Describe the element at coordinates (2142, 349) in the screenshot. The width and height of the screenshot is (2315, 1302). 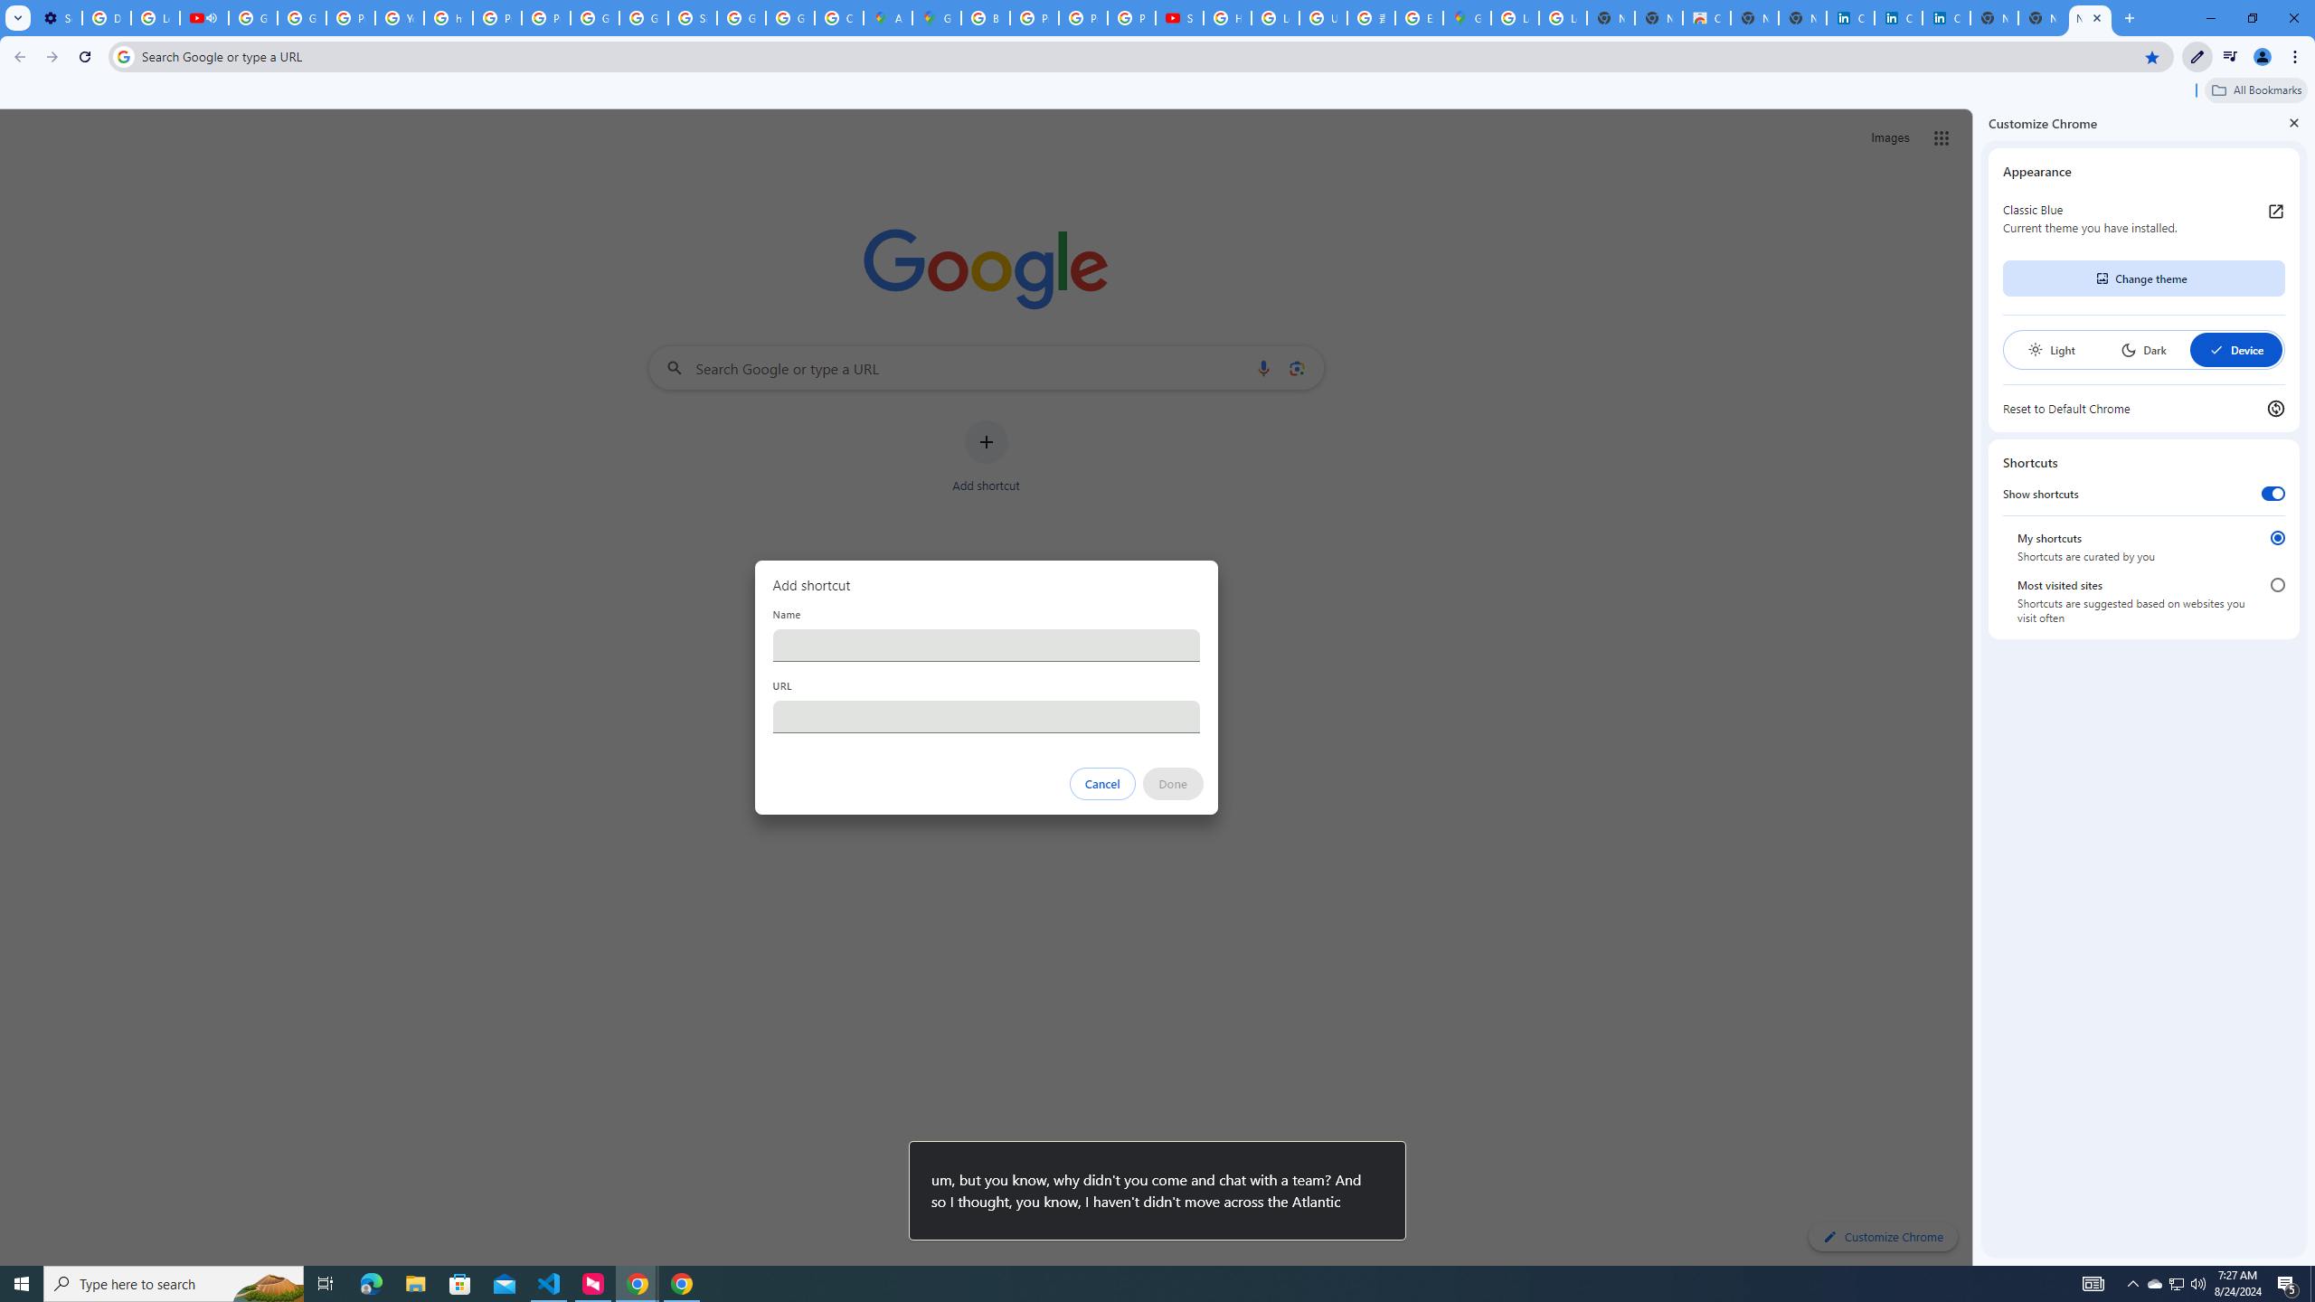
I see `'Dark'` at that location.